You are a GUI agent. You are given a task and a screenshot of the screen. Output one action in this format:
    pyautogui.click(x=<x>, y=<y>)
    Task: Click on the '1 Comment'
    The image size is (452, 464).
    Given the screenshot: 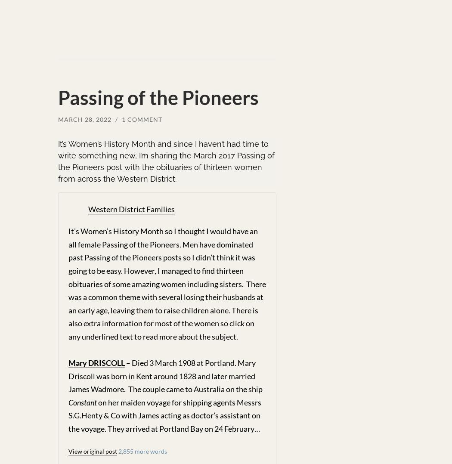 What is the action you would take?
    pyautogui.click(x=121, y=119)
    